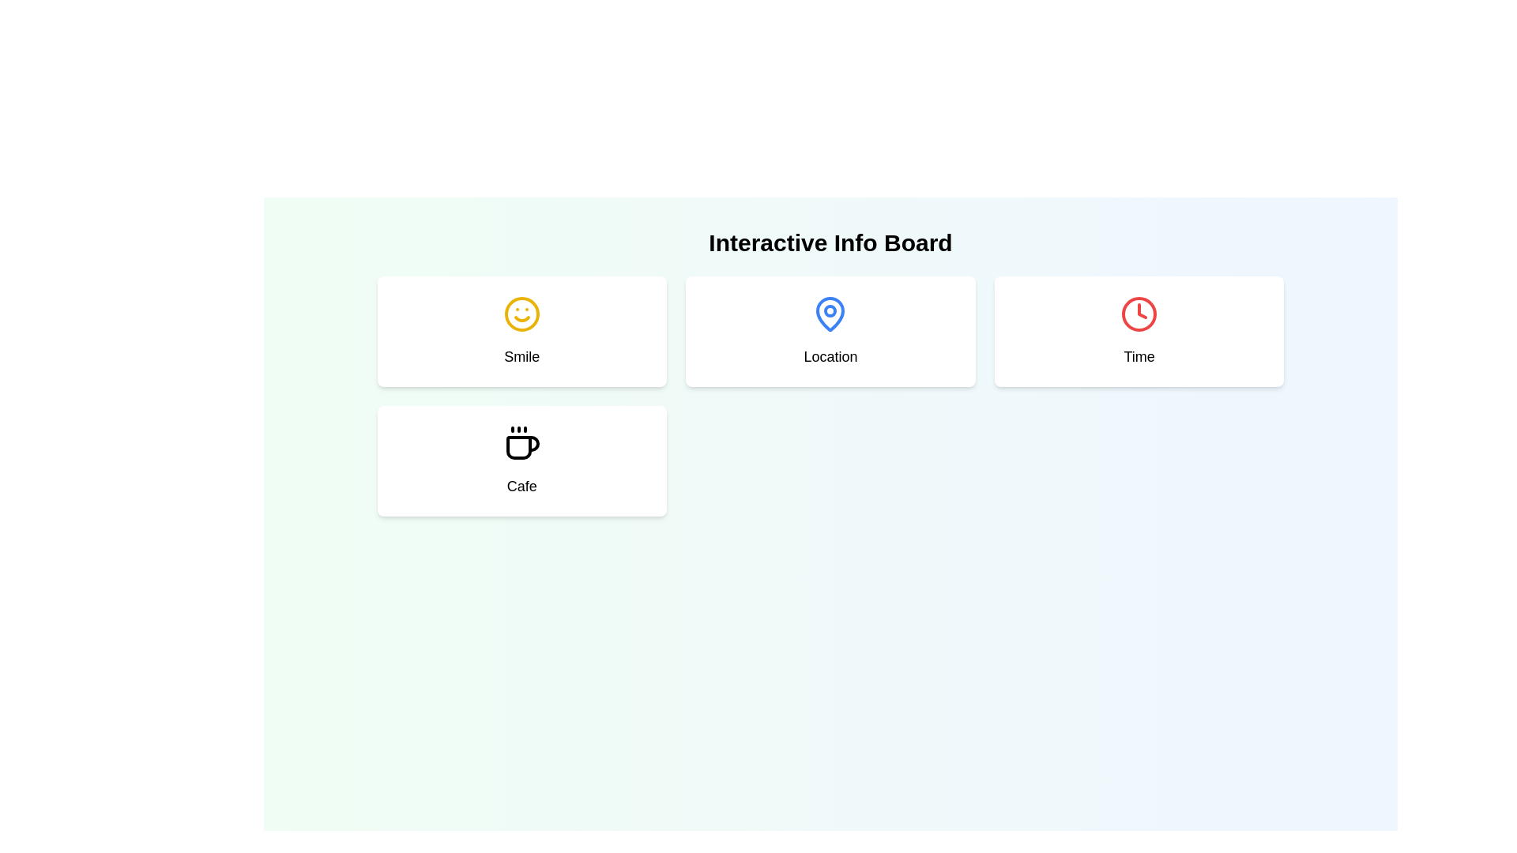  I want to click on the clock icon component within the 'Time' button located in the top-right quadrant of the layout, so click(1142, 310).